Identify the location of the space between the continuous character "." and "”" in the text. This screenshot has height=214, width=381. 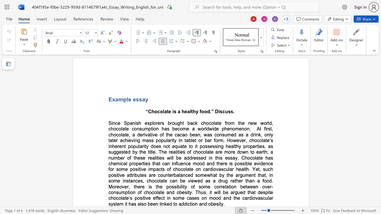
(211, 111).